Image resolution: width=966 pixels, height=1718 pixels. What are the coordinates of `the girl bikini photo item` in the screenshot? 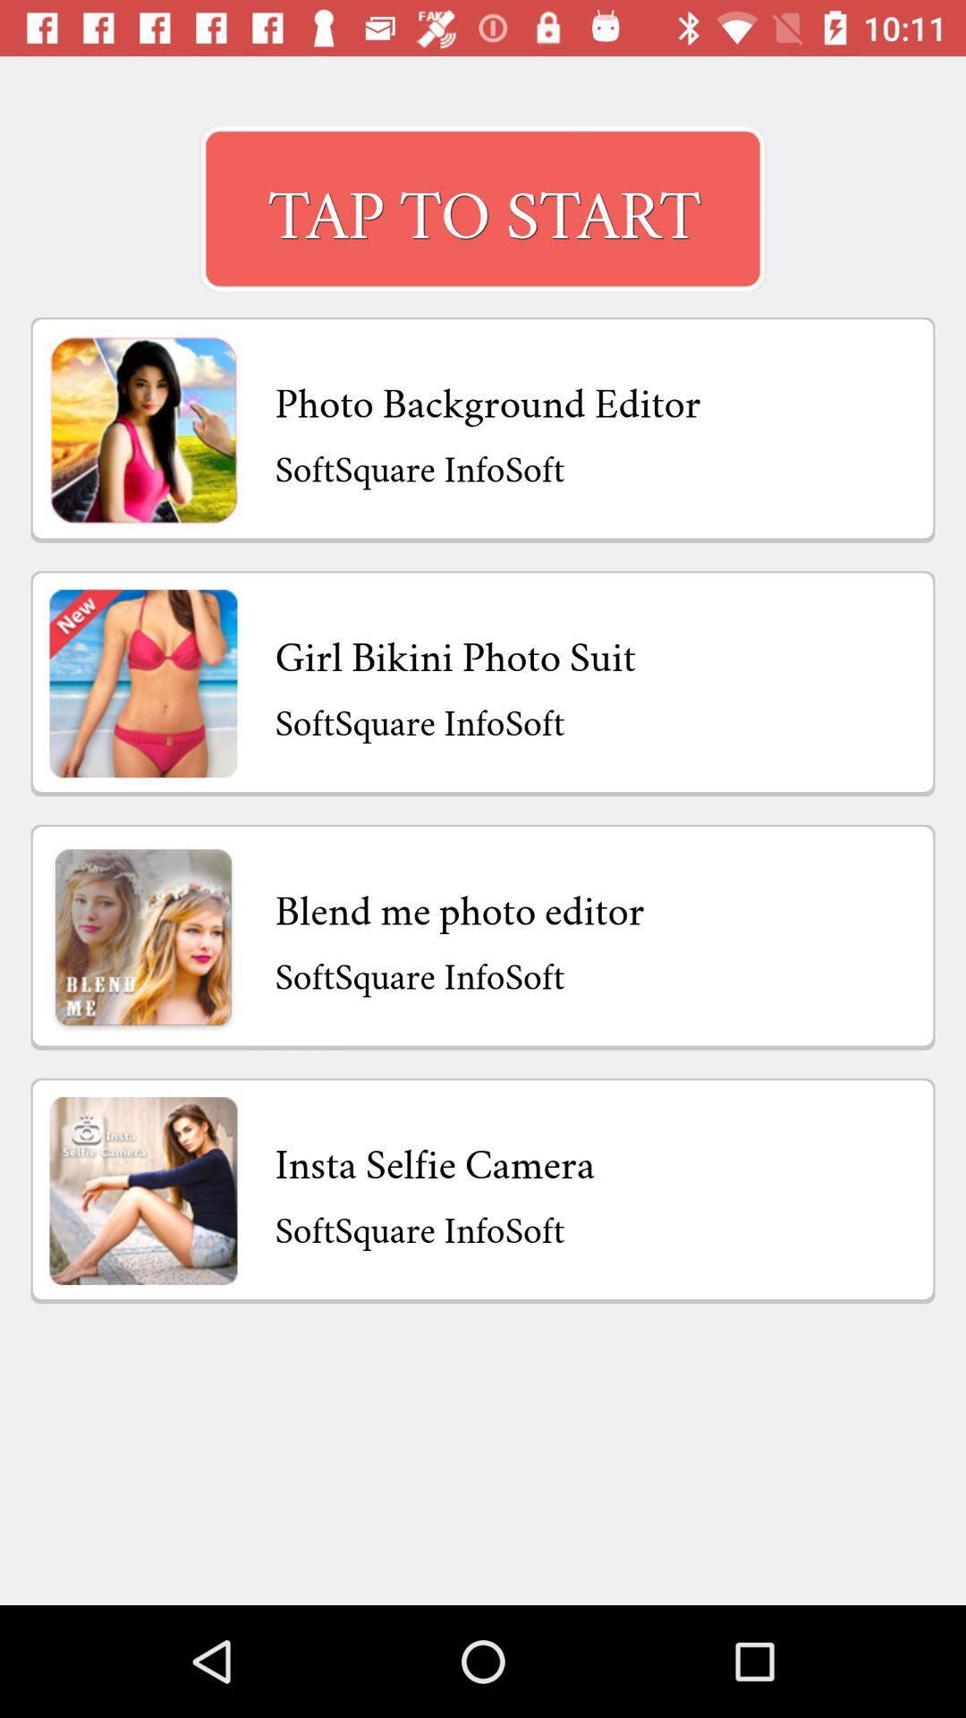 It's located at (454, 651).